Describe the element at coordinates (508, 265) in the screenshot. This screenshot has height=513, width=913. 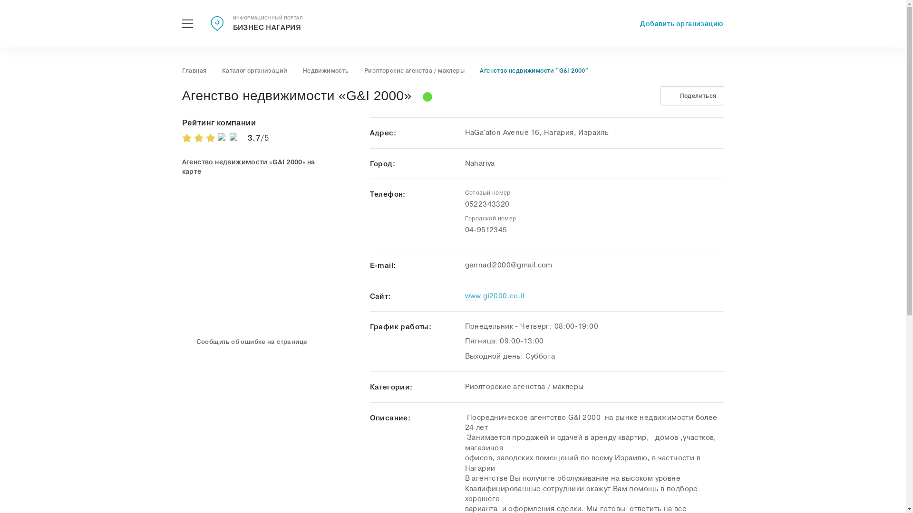
I see `'gennadi2000@gmail.com'` at that location.